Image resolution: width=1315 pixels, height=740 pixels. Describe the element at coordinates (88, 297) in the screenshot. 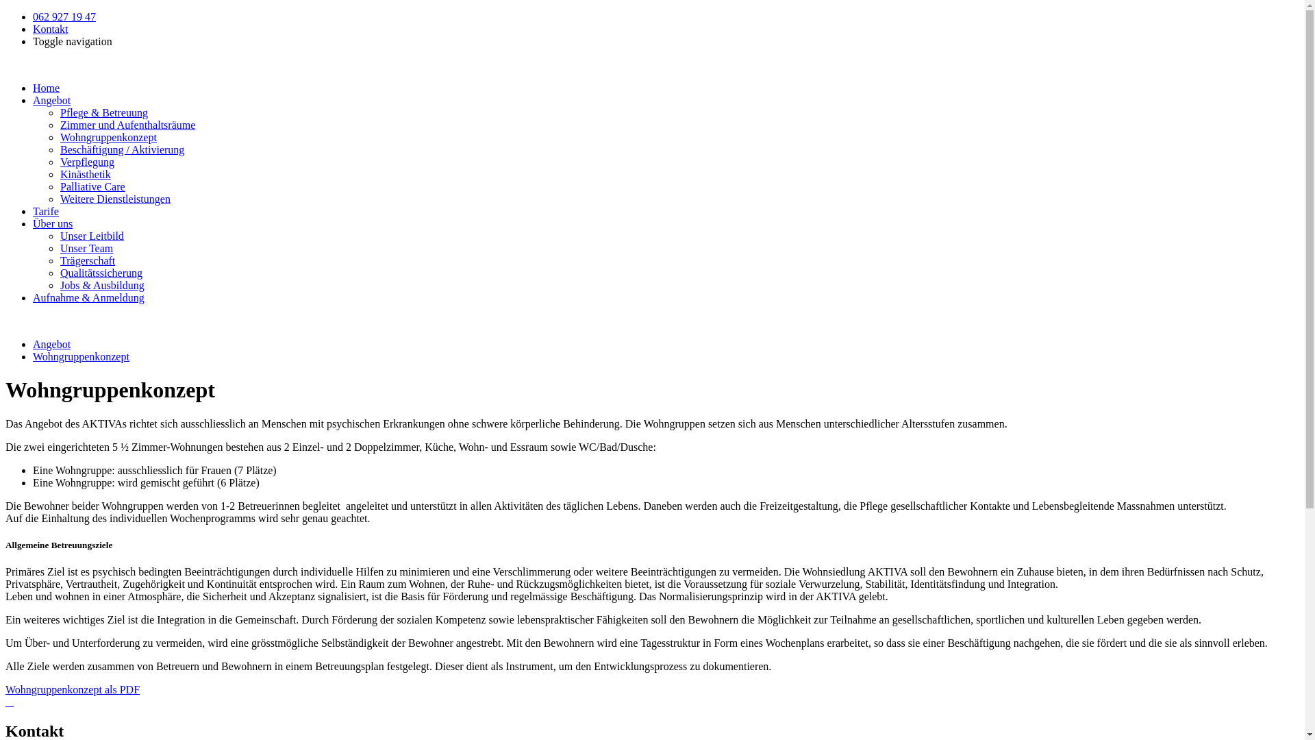

I see `'Aufnahme & Anmeldung'` at that location.